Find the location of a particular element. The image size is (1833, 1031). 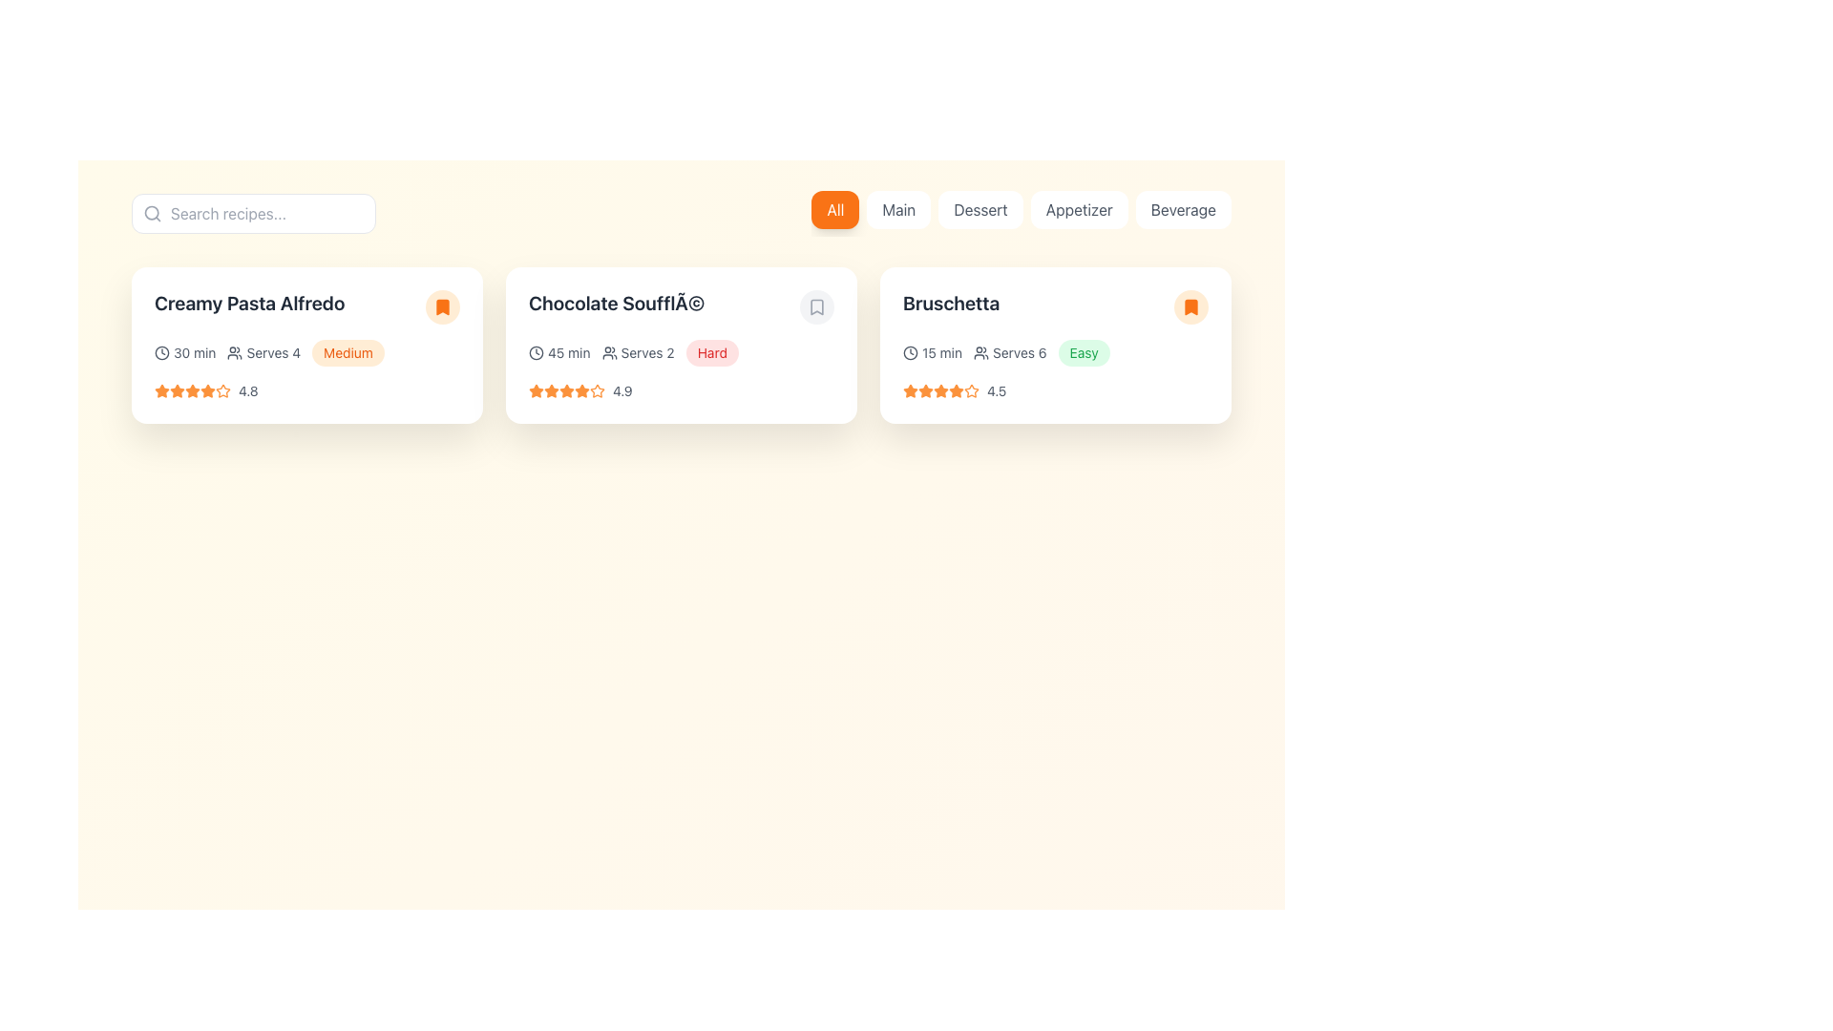

the 'Dessert' button in the top-center navigation menu is located at coordinates (980, 209).